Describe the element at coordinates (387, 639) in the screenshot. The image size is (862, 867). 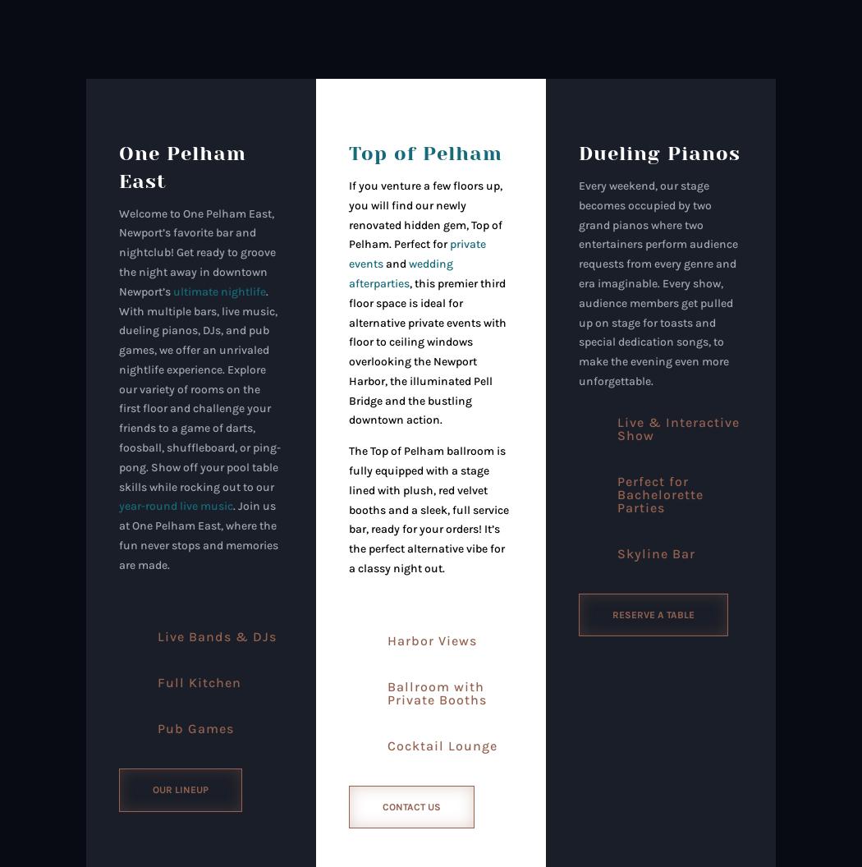
I see `'Harbor Views'` at that location.